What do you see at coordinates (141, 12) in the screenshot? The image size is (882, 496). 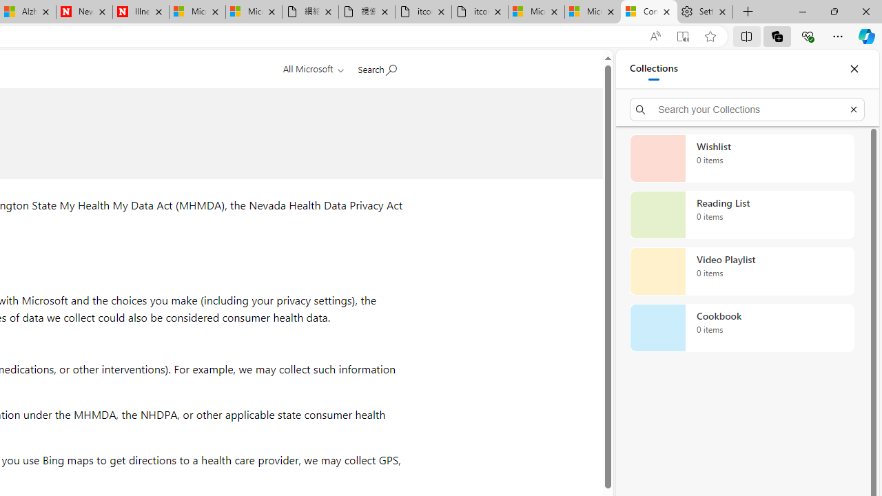 I see `'Illness news & latest pictures from Newsweek.com'` at bounding box center [141, 12].